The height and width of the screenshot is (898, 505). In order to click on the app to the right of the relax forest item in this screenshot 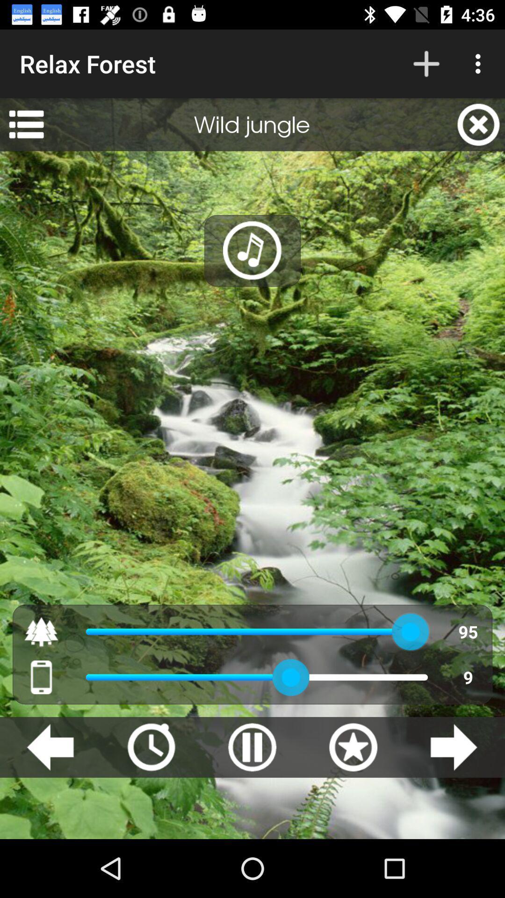, I will do `click(426, 63)`.